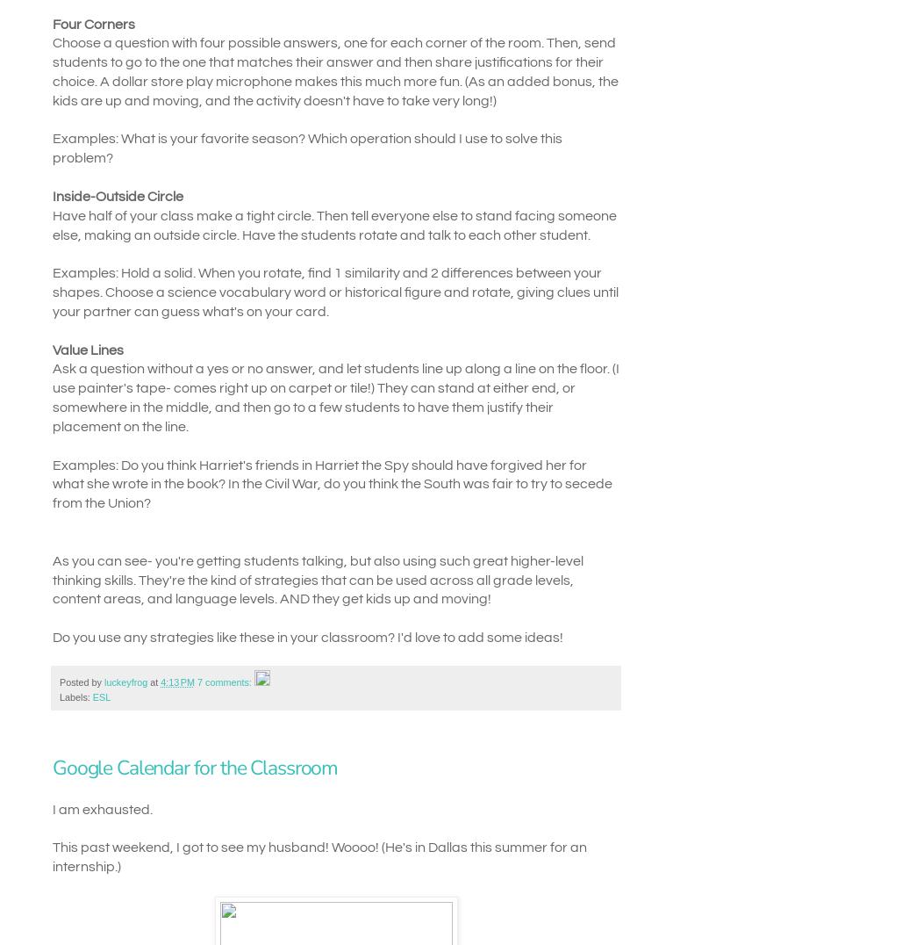 Image resolution: width=902 pixels, height=945 pixels. Describe the element at coordinates (155, 682) in the screenshot. I see `'at'` at that location.